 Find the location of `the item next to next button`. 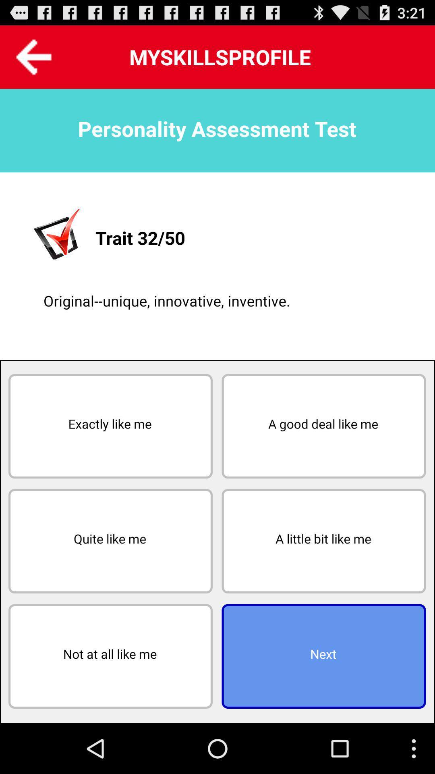

the item next to next button is located at coordinates (110, 656).